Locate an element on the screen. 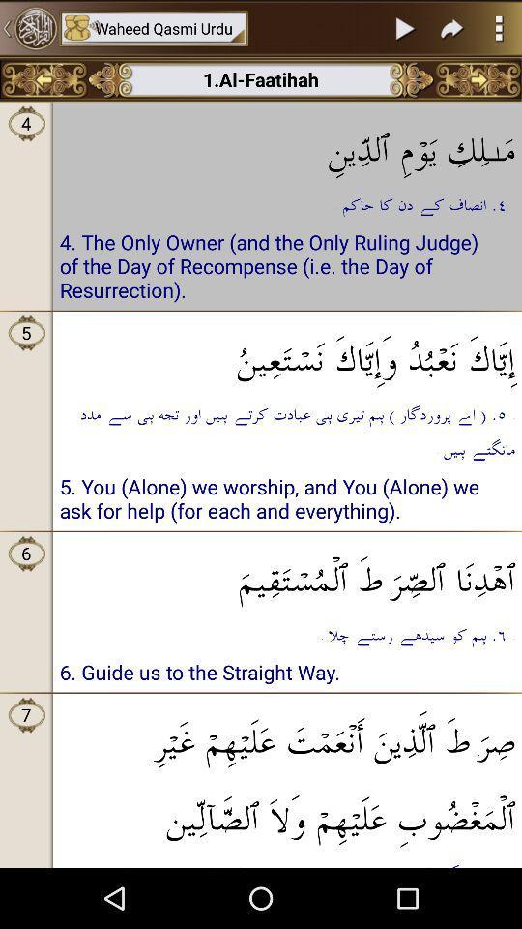  previous page is located at coordinates (43, 79).